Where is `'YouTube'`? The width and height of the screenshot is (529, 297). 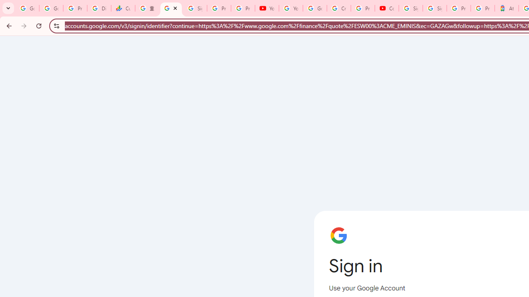
'YouTube' is located at coordinates (291, 8).